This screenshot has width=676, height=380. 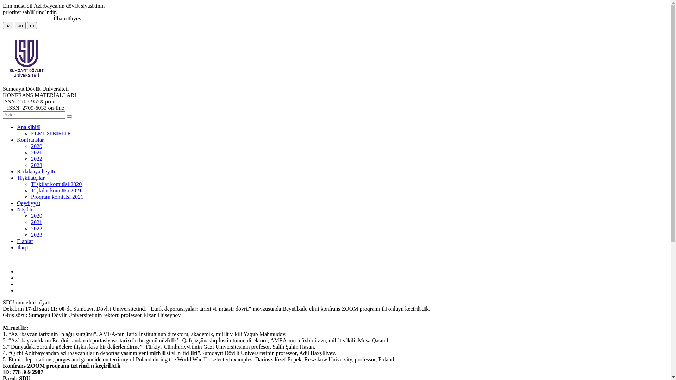 I want to click on '2020', so click(x=30, y=215).